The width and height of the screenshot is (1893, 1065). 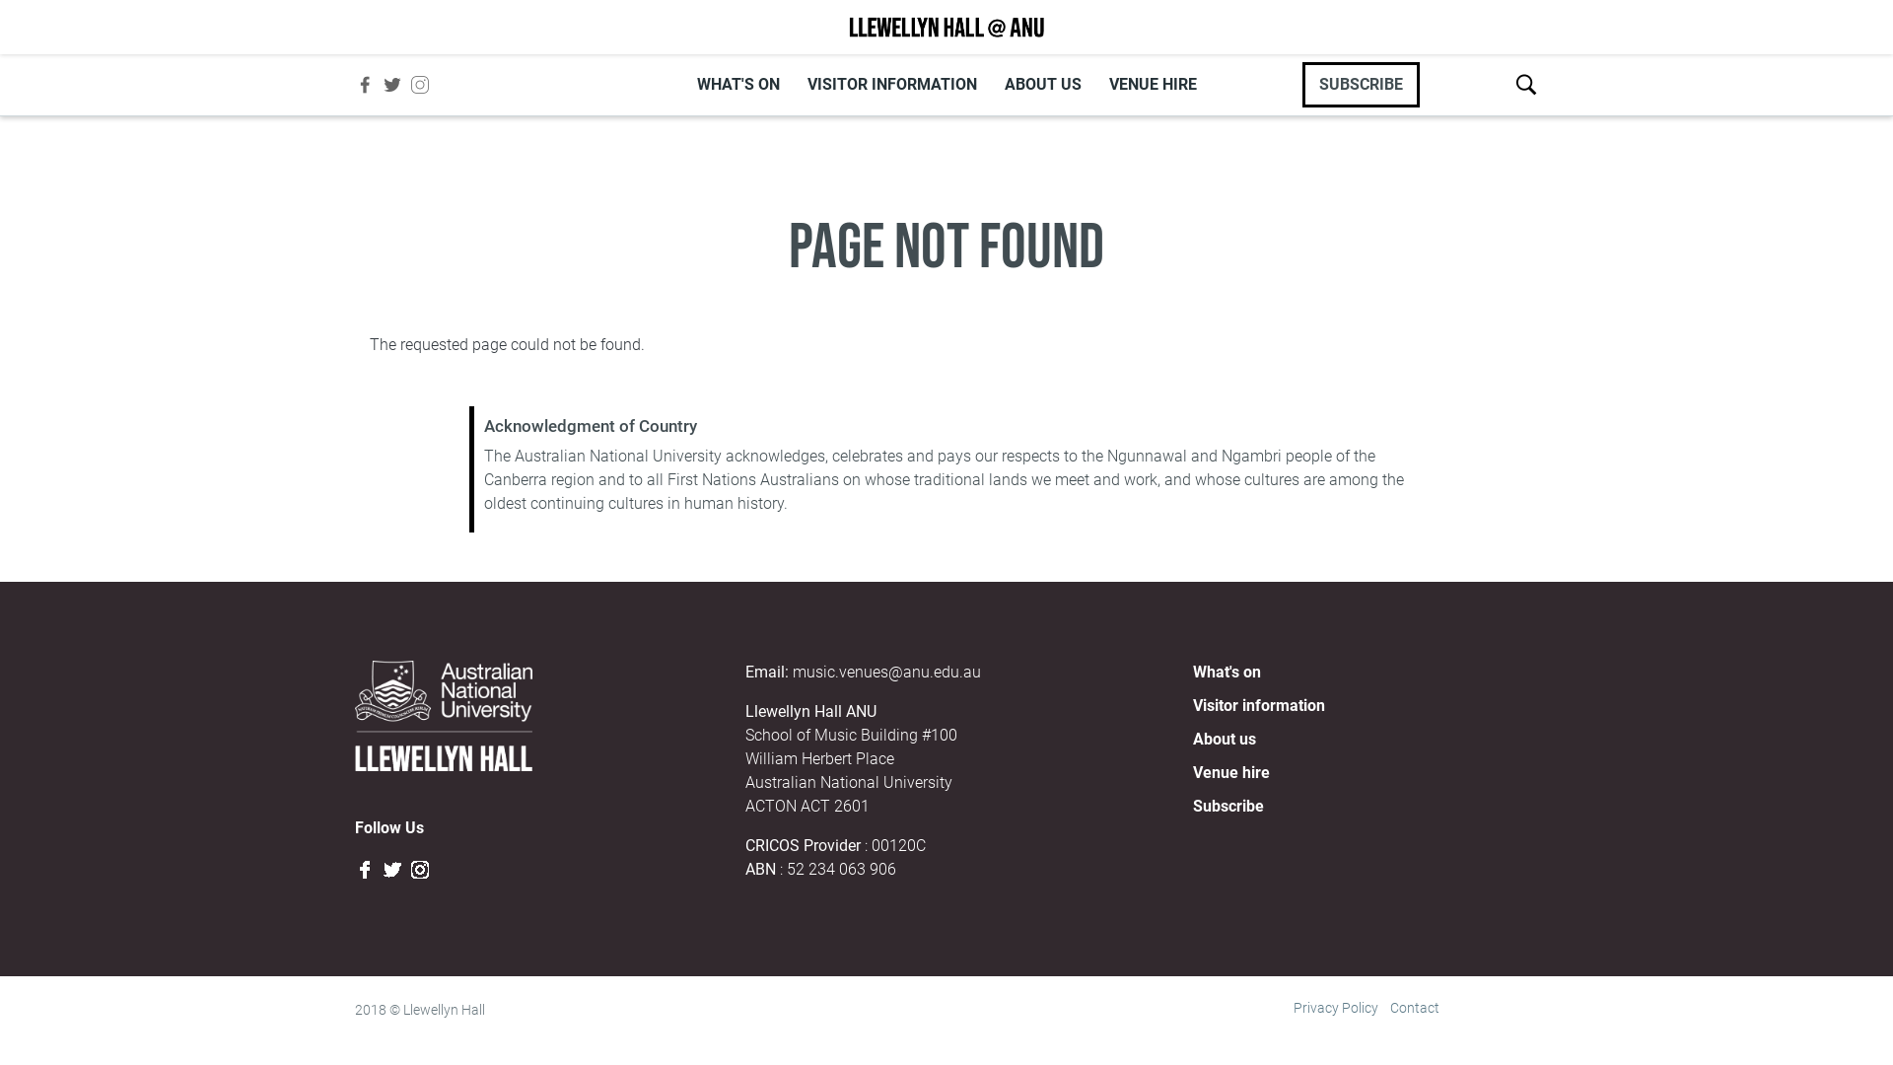 What do you see at coordinates (1414, 1008) in the screenshot?
I see `'Contact'` at bounding box center [1414, 1008].